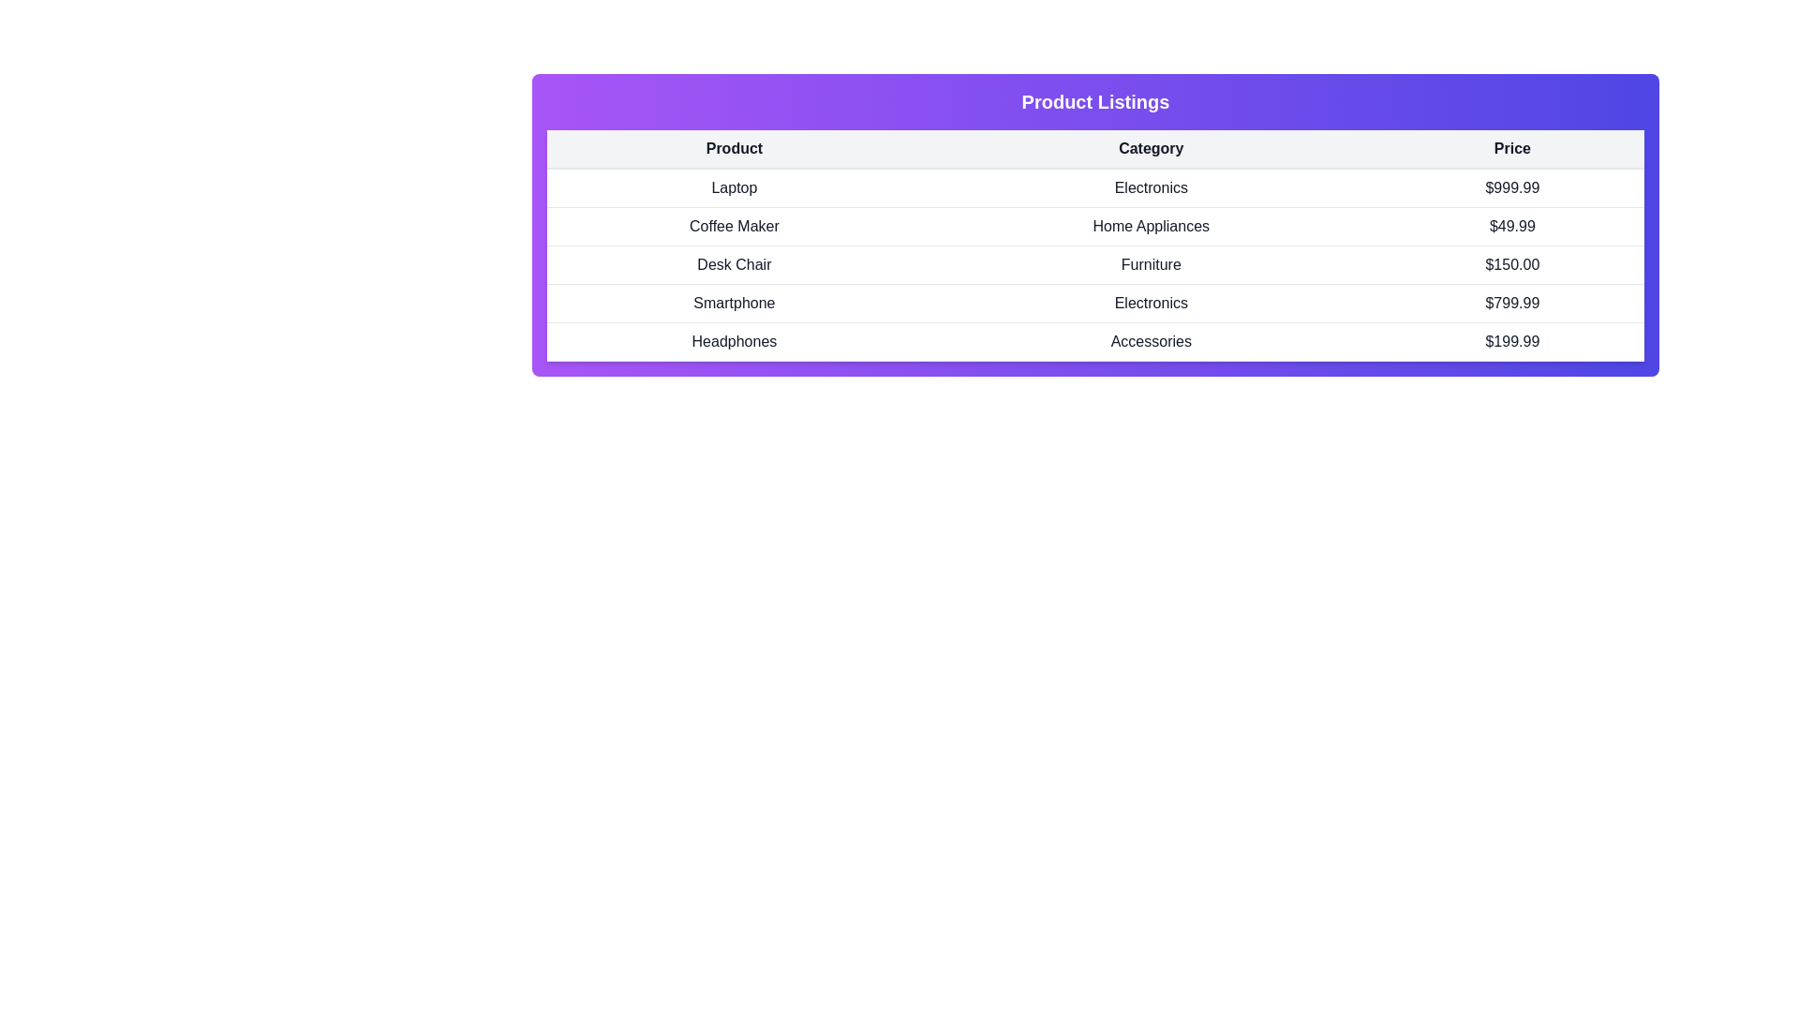 The image size is (1799, 1012). Describe the element at coordinates (1150, 187) in the screenshot. I see `text content of the 'Electronics' label in the 'Category' column of the first row of the table` at that location.